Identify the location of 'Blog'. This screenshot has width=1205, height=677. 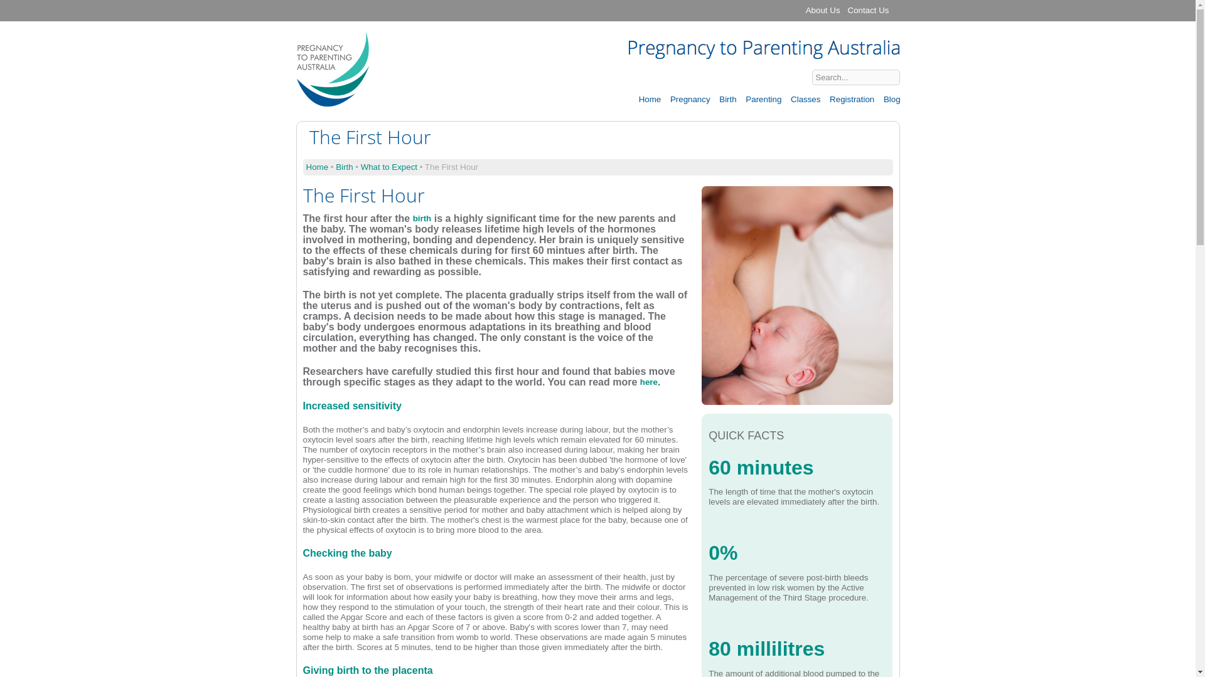
(879, 98).